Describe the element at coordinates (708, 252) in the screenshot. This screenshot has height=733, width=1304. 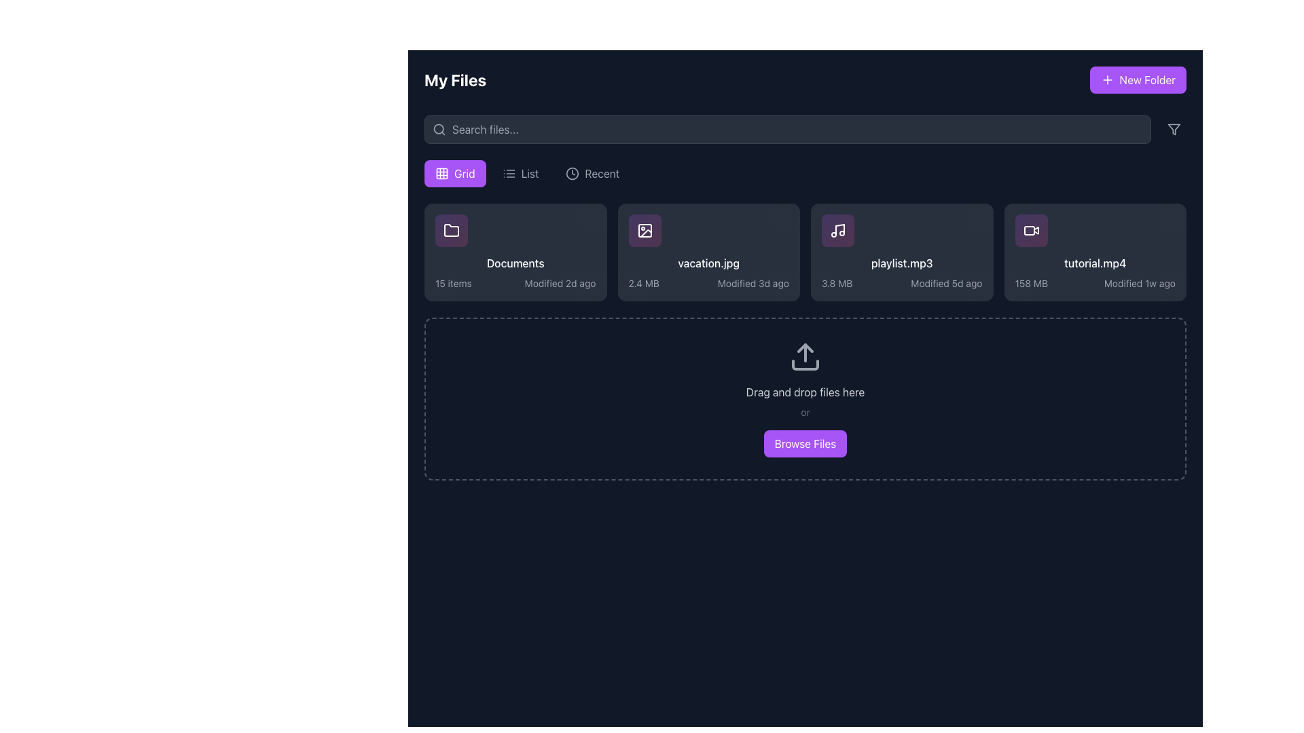
I see `the circular share button with a semi-transparent white background located above the title of the file 'vacation.jpg' in the middle row of the file grid to share the file` at that location.